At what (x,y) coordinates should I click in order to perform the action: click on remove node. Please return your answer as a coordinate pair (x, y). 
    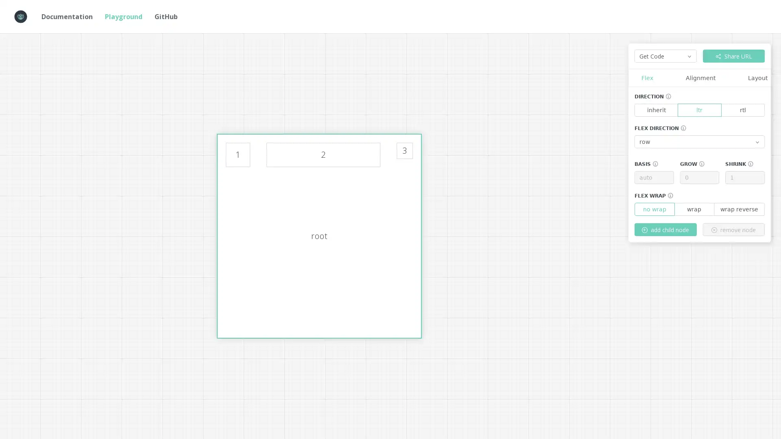
    Looking at the image, I should click on (733, 229).